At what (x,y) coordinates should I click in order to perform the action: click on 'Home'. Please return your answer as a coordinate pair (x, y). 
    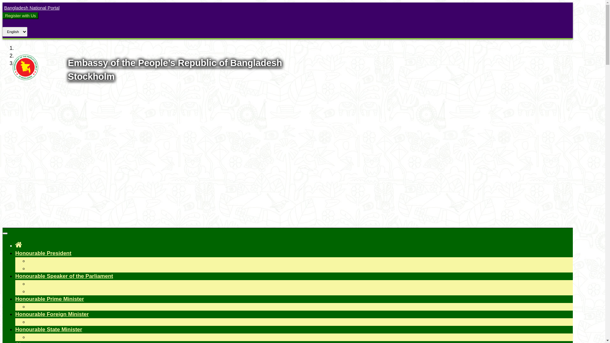
    Looking at the image, I should click on (18, 244).